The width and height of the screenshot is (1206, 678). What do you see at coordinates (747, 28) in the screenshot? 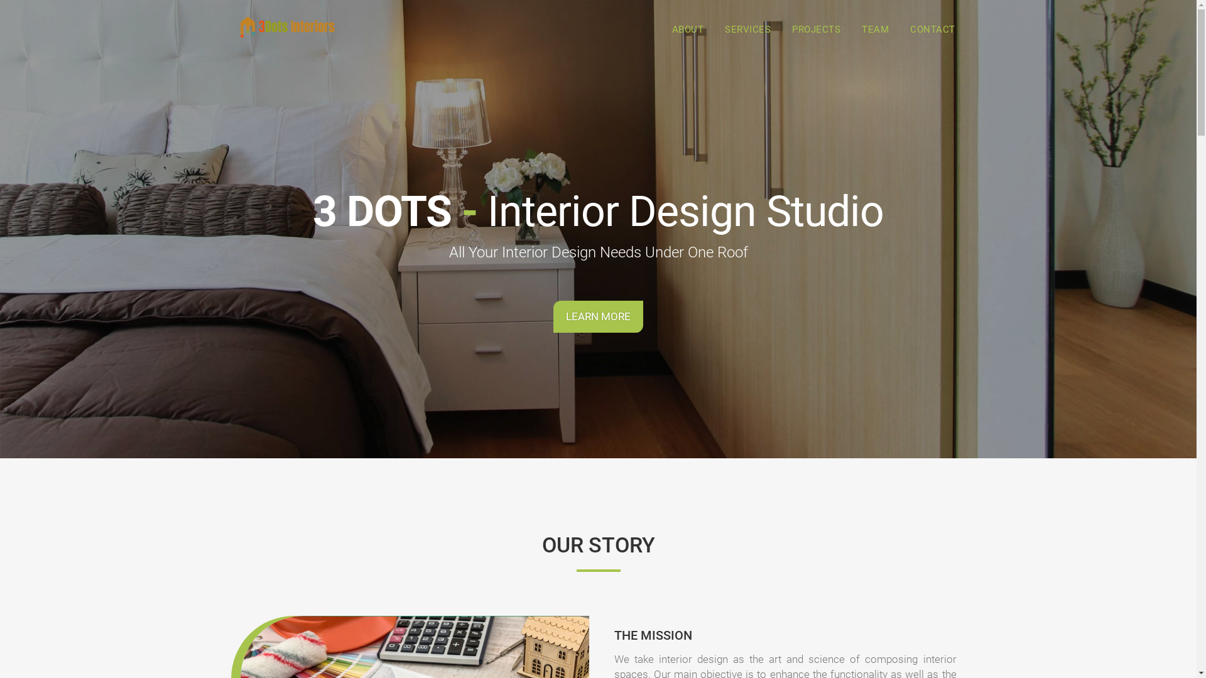
I see `'SERVICES'` at bounding box center [747, 28].